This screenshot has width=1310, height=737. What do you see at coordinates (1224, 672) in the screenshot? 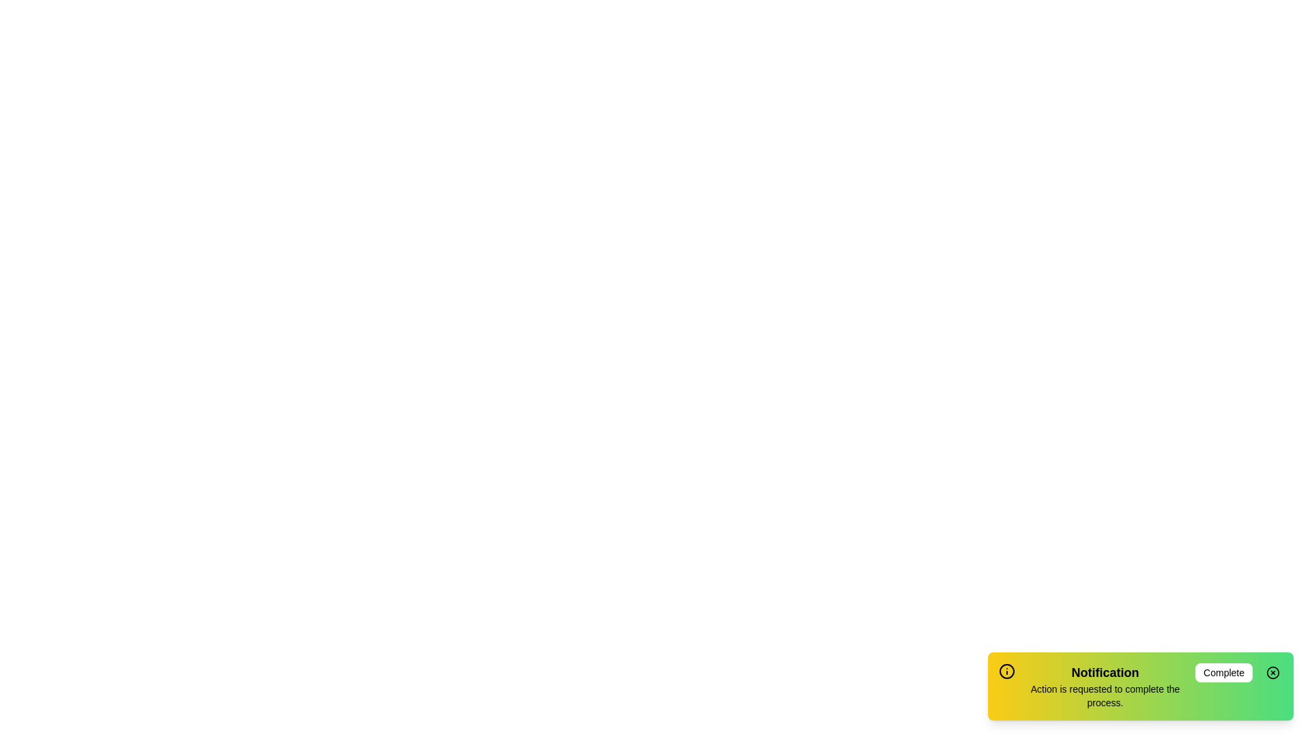
I see `the 'Complete' button to trigger the main action` at bounding box center [1224, 672].